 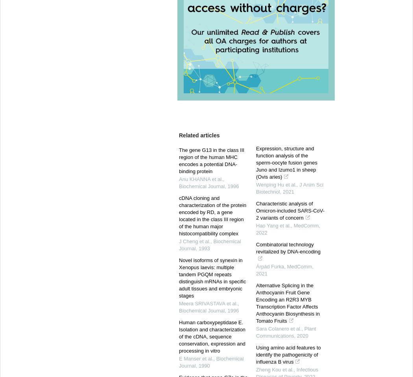 What do you see at coordinates (279, 328) in the screenshot?
I see `'Sara Colanero et al.,'` at bounding box center [279, 328].